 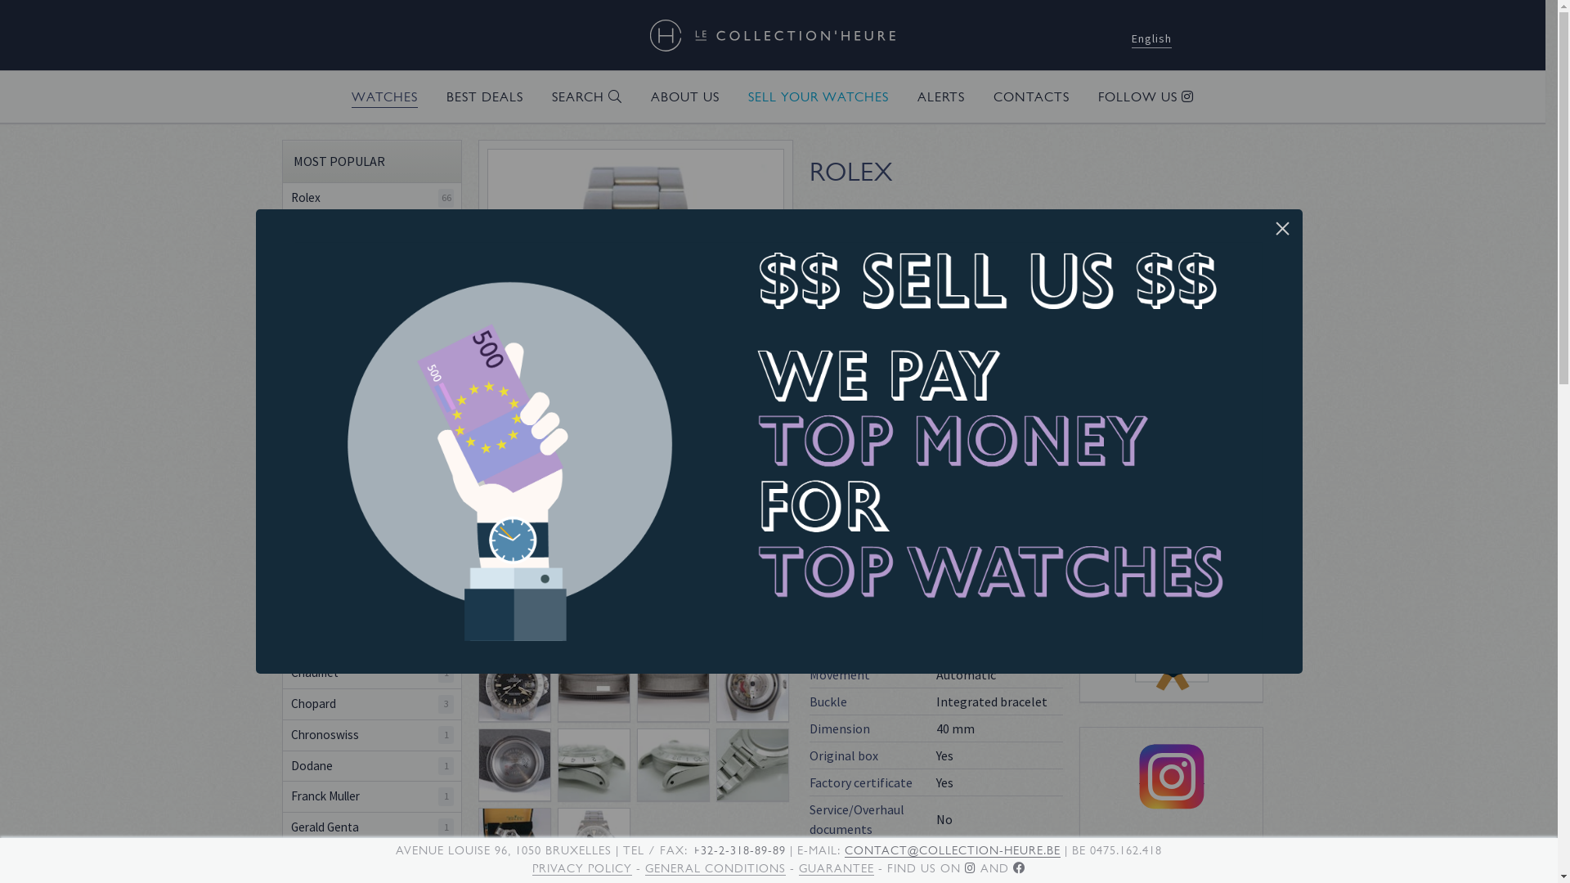 What do you see at coordinates (1145, 97) in the screenshot?
I see `'FOLLOW US'` at bounding box center [1145, 97].